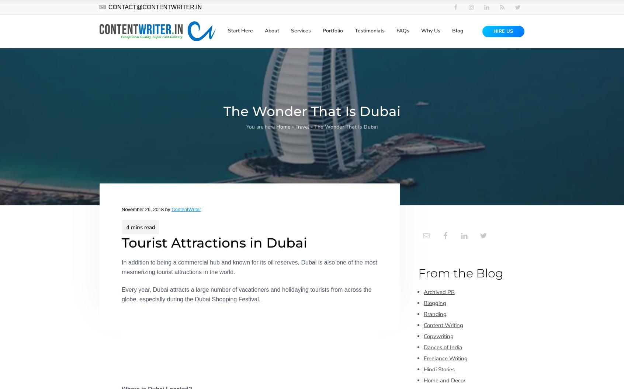  What do you see at coordinates (443, 347) in the screenshot?
I see `'Dances of India'` at bounding box center [443, 347].